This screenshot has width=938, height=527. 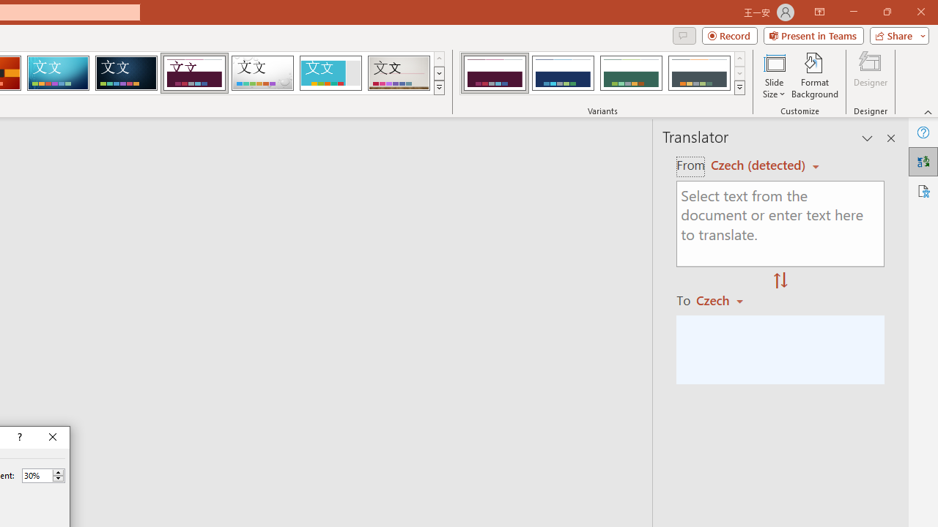 I want to click on 'Format Background', so click(x=814, y=75).